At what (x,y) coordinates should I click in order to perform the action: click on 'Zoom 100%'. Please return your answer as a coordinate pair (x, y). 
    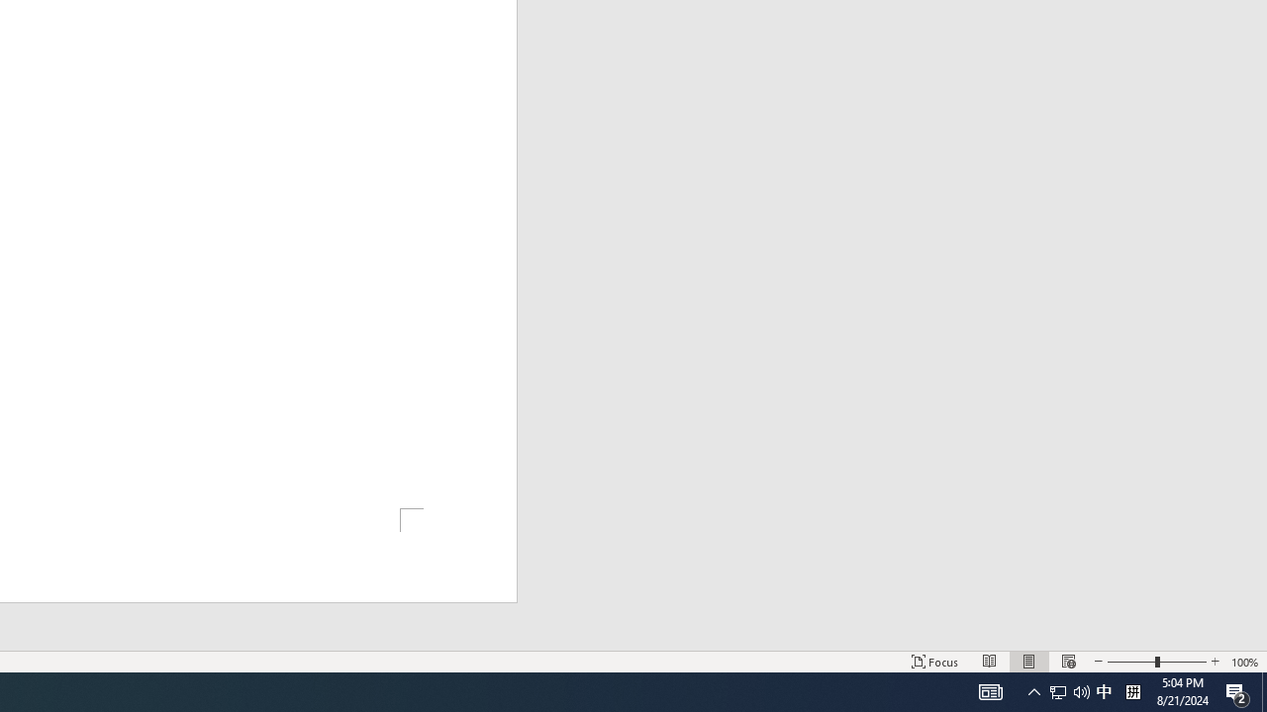
    Looking at the image, I should click on (1244, 662).